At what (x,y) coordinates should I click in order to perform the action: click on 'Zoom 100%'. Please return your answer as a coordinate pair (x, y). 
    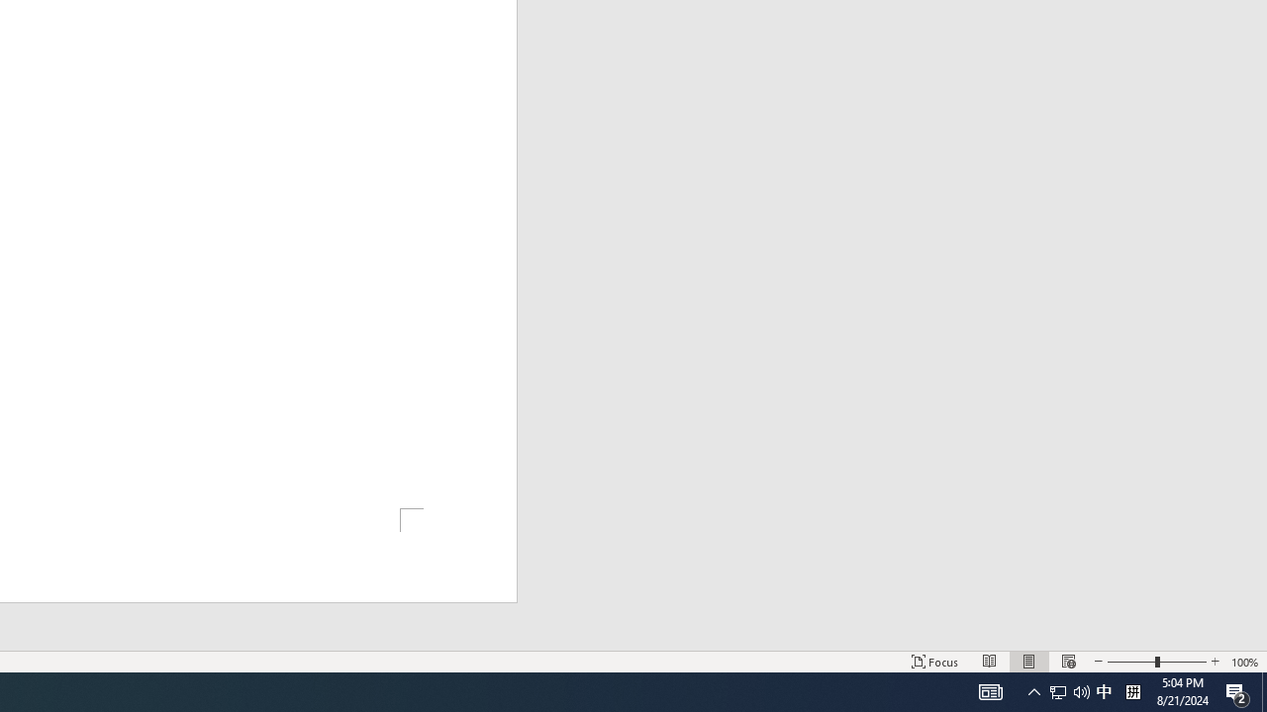
    Looking at the image, I should click on (1244, 662).